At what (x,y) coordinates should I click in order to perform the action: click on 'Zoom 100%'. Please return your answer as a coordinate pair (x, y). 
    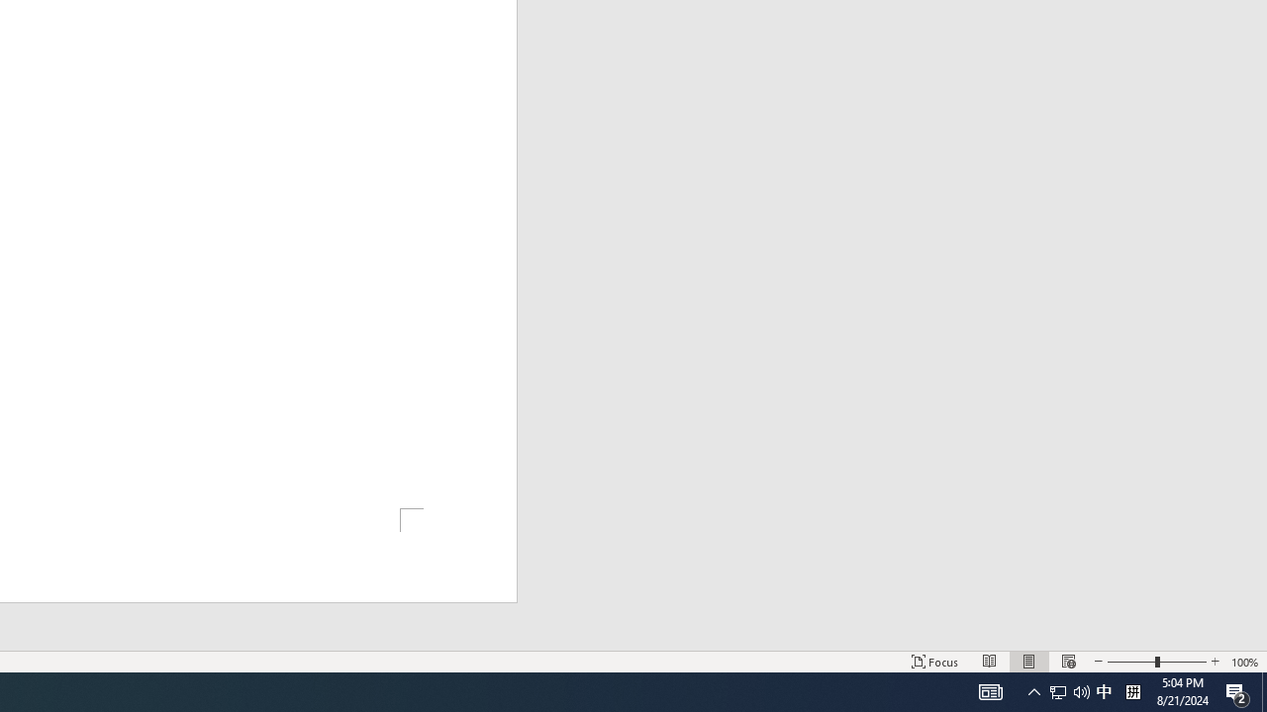
    Looking at the image, I should click on (1244, 662).